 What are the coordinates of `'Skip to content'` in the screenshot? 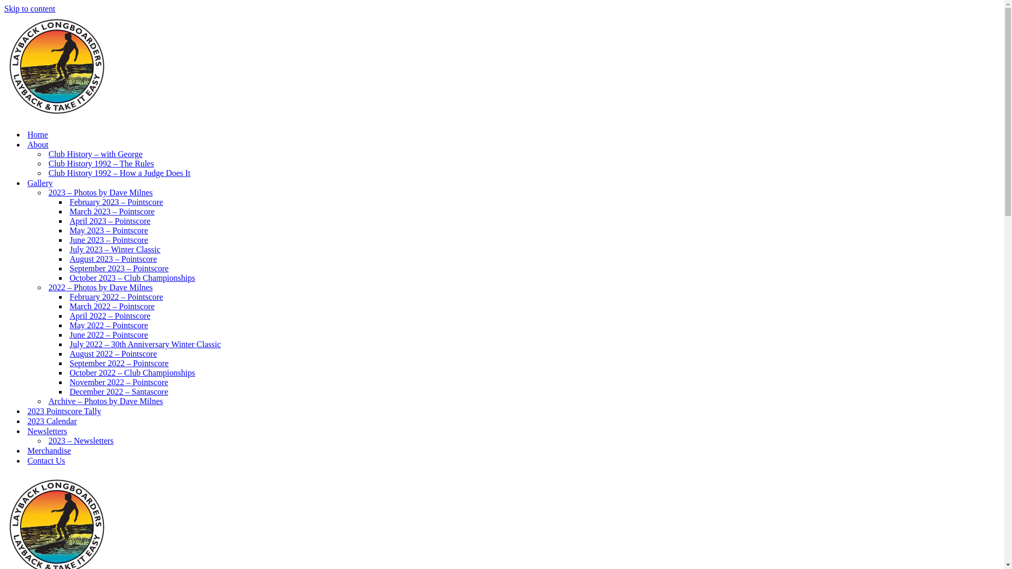 It's located at (30, 8).